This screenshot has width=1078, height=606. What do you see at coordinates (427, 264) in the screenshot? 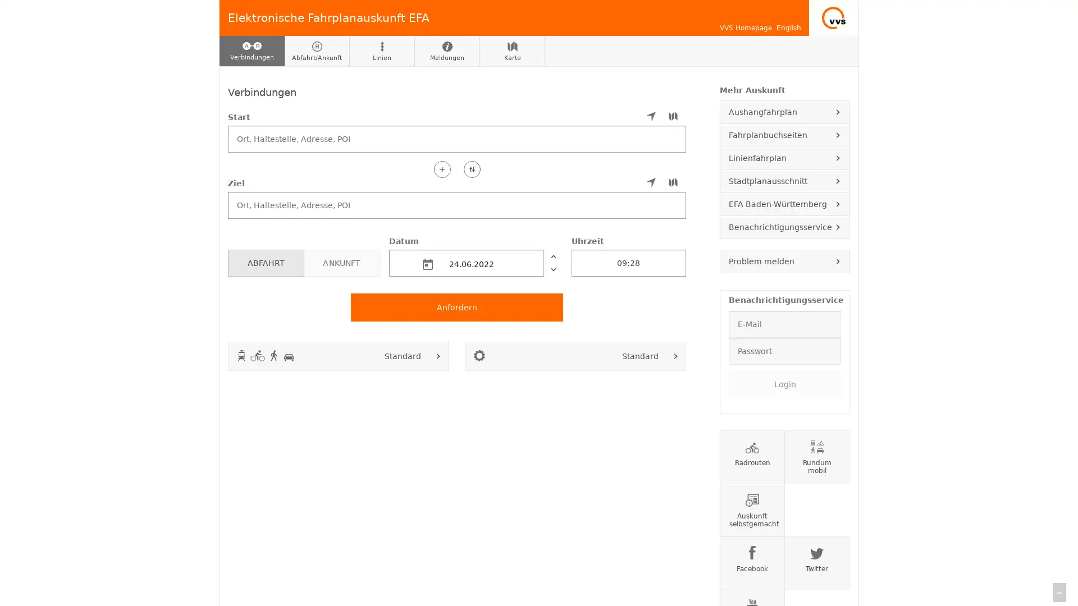
I see `md-calendar` at bounding box center [427, 264].